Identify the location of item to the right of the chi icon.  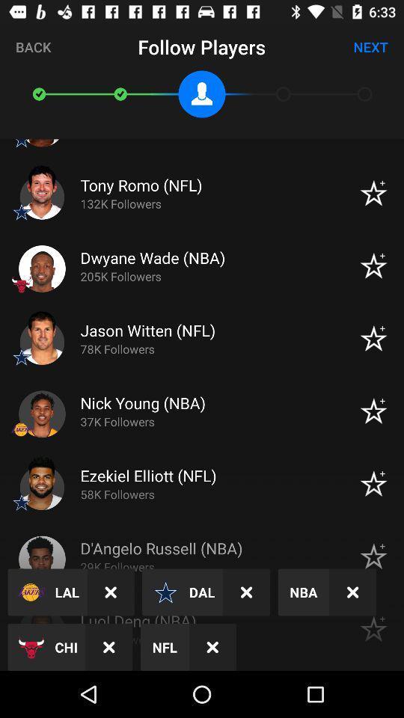
(108, 646).